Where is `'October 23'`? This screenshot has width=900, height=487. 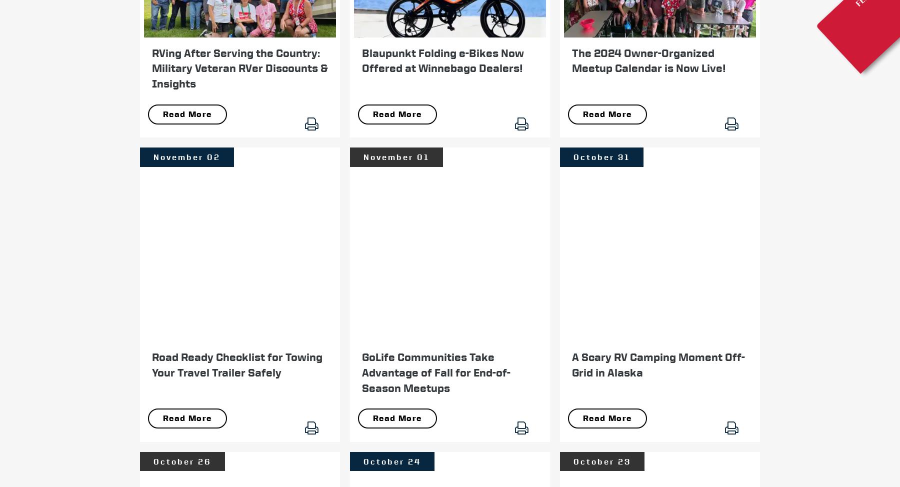
'October 23' is located at coordinates (572, 460).